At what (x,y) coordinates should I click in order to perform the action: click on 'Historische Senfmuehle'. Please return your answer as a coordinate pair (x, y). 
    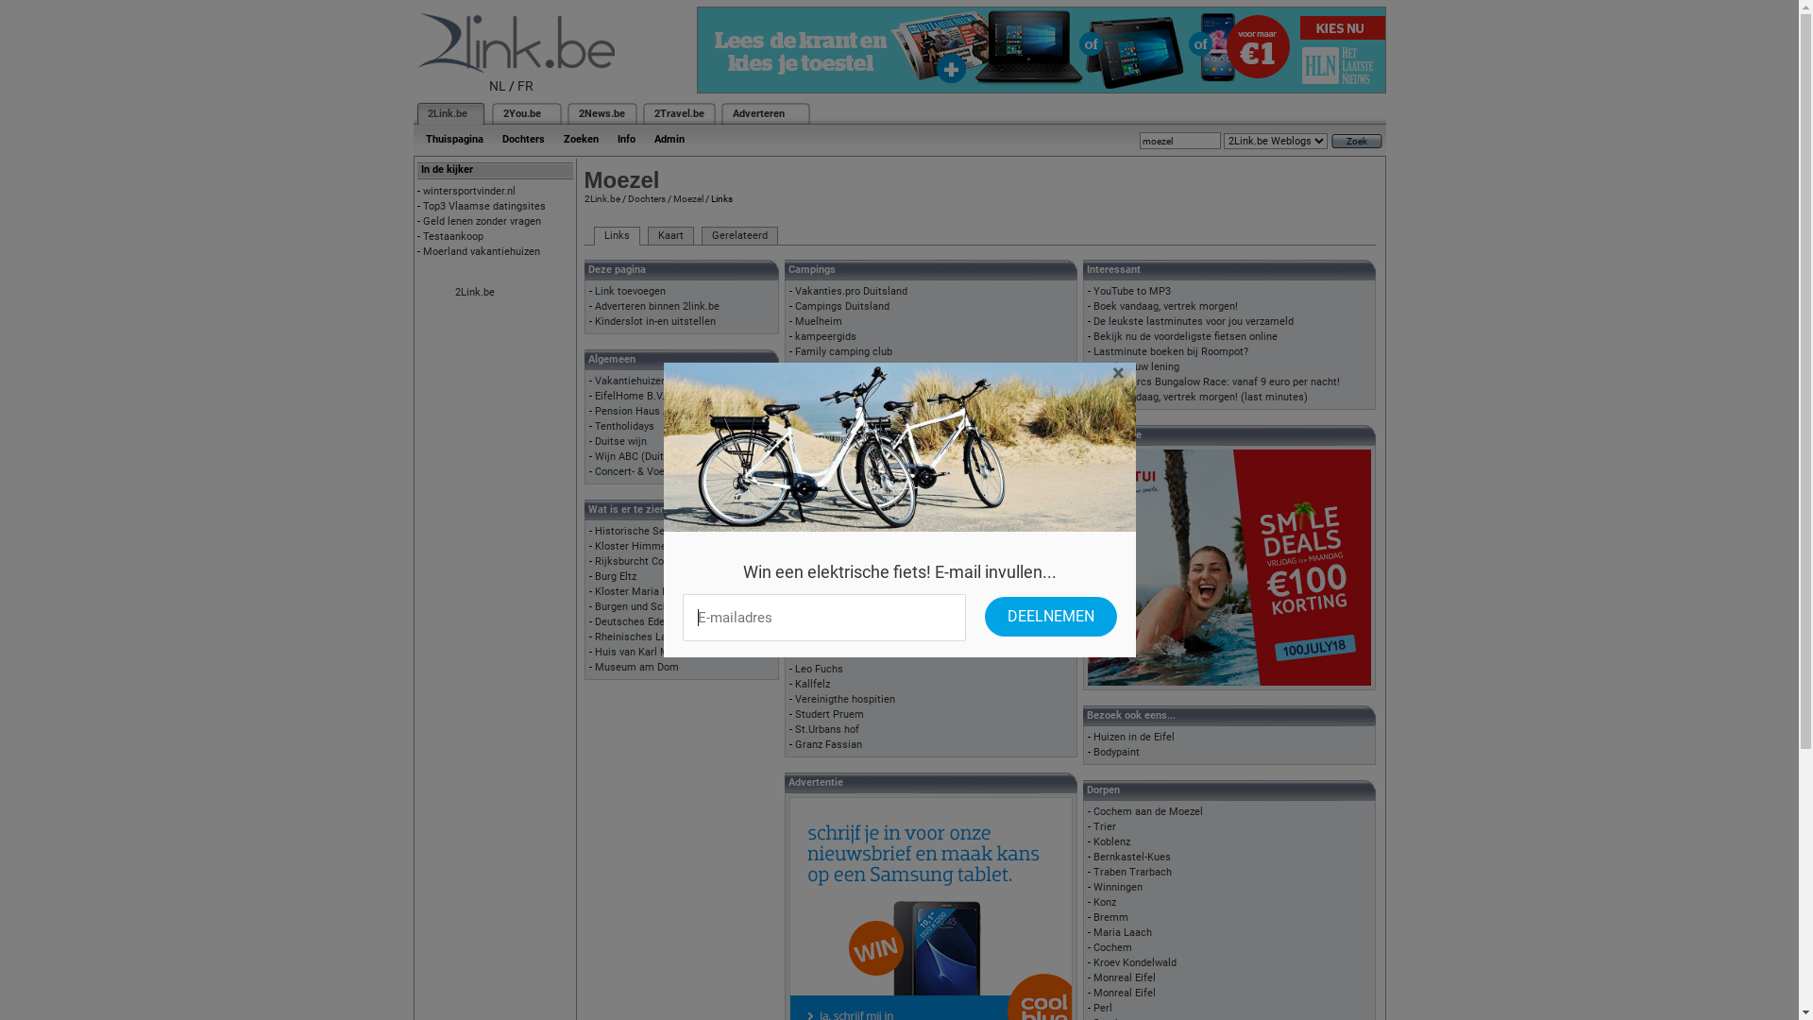
    Looking at the image, I should click on (652, 531).